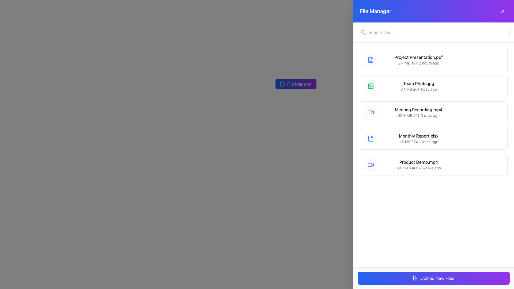 This screenshot has height=289, width=514. I want to click on the small blue document icon representing a file type, located next to 'Monthly Report.xlsx' in the right-hand panel of the file manager interface, so click(371, 138).